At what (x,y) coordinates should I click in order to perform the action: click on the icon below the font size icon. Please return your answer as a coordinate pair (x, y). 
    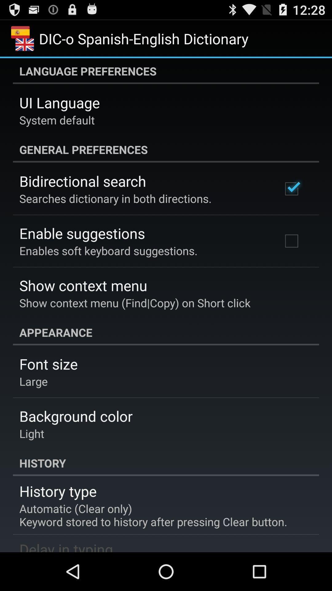
    Looking at the image, I should click on (34, 381).